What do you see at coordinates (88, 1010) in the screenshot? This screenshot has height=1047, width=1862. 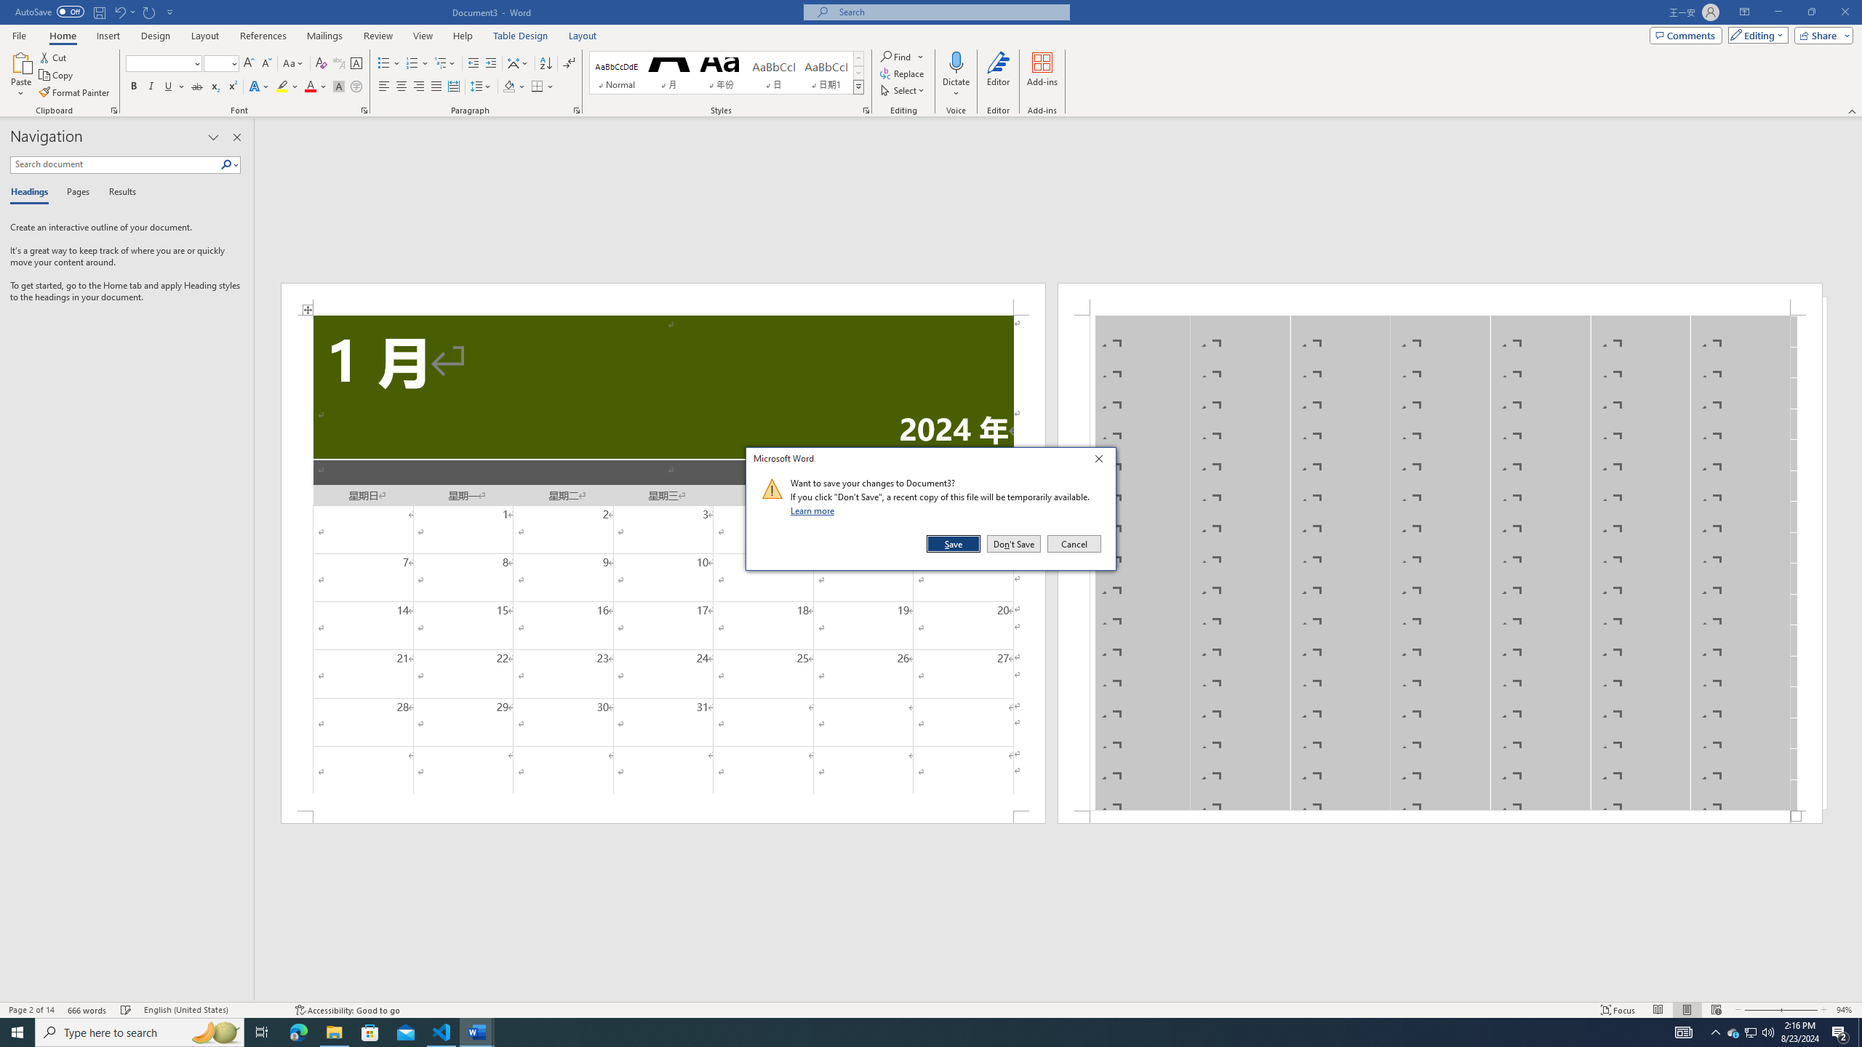 I see `'Word Count 666 words'` at bounding box center [88, 1010].